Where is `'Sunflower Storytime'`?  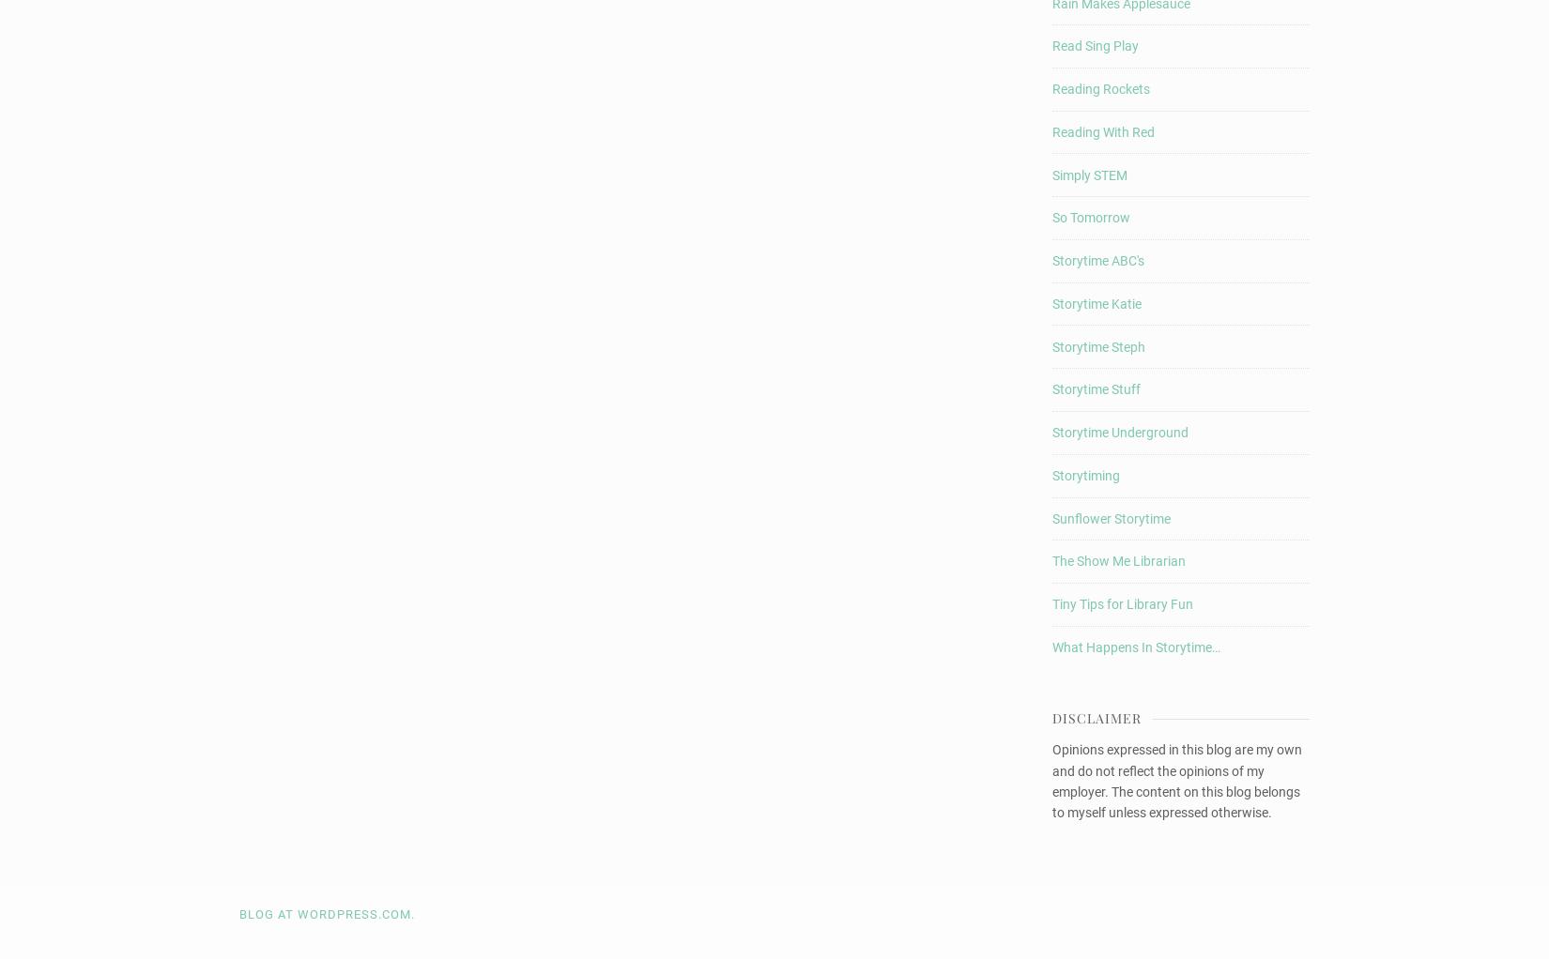 'Sunflower Storytime' is located at coordinates (1112, 517).